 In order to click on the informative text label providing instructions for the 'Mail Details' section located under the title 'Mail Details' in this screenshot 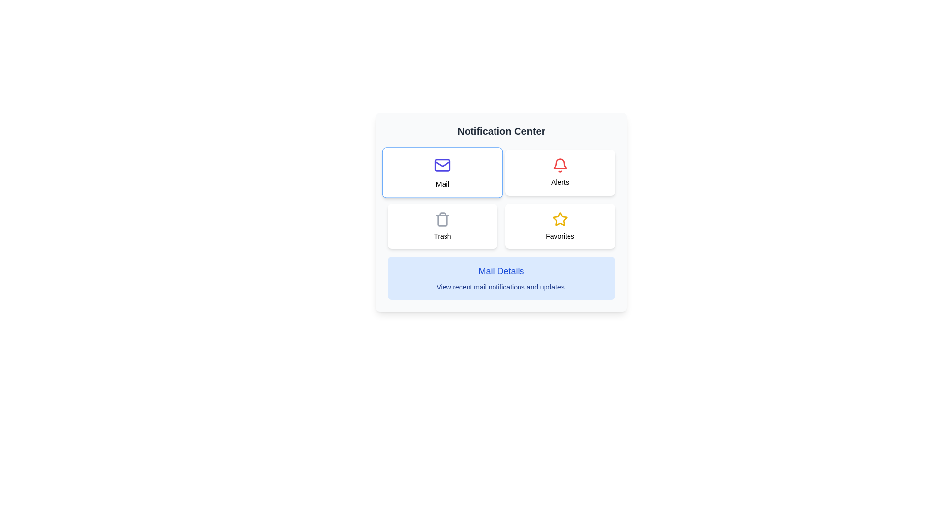, I will do `click(501, 287)`.